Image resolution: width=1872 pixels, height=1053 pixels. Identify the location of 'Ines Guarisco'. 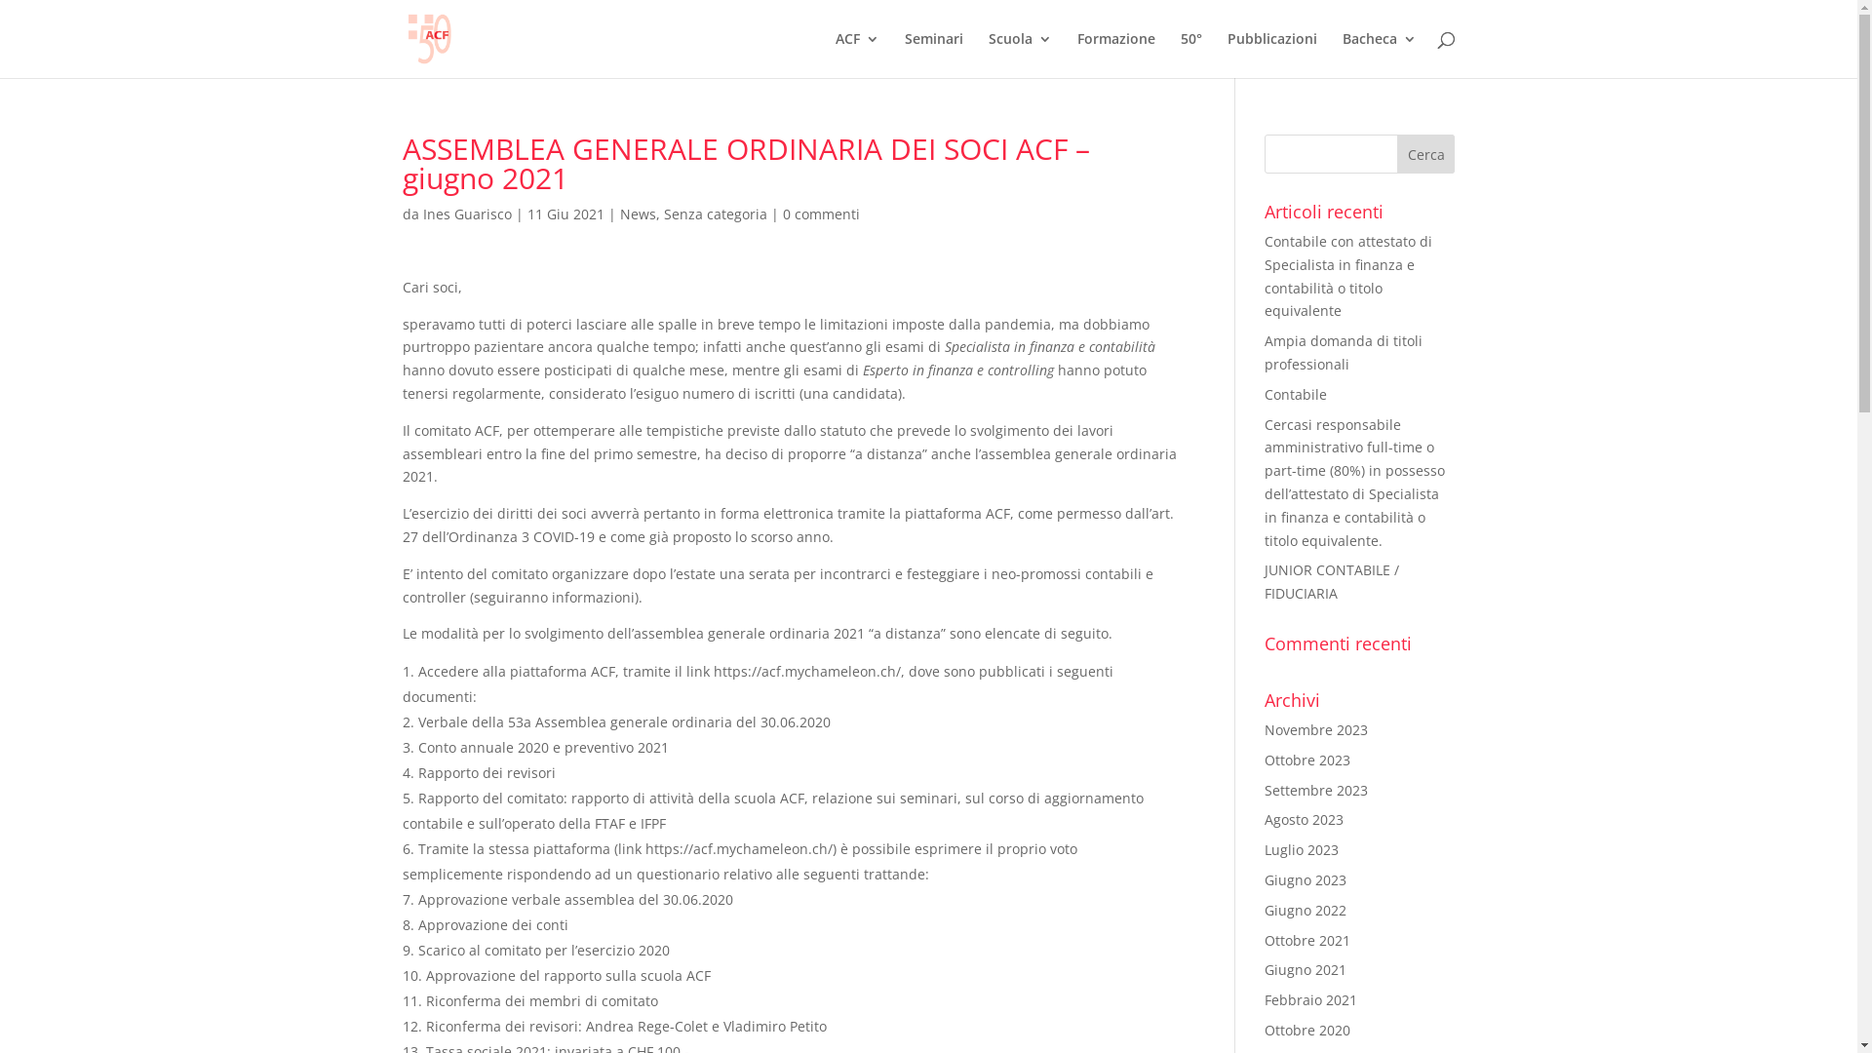
(466, 214).